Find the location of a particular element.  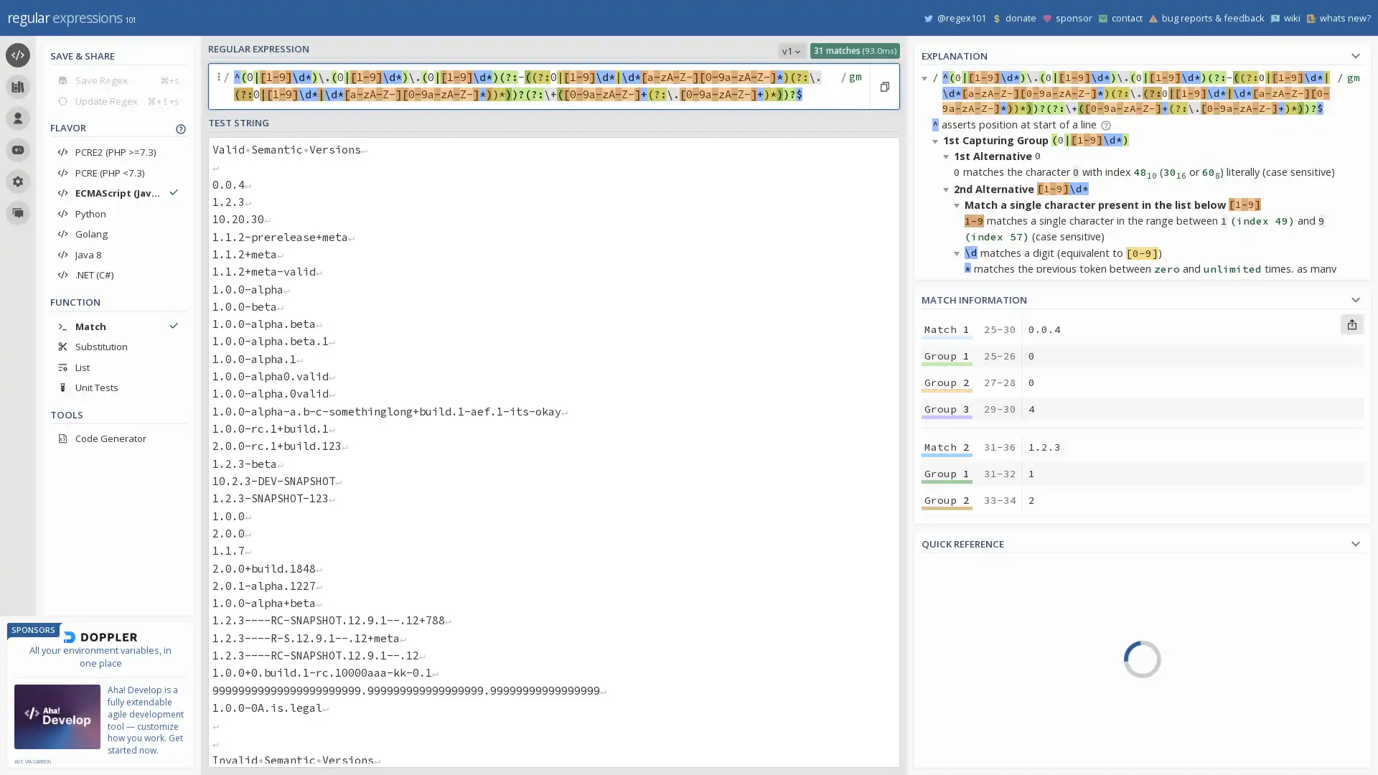

Match 4 is located at coordinates (947, 682).